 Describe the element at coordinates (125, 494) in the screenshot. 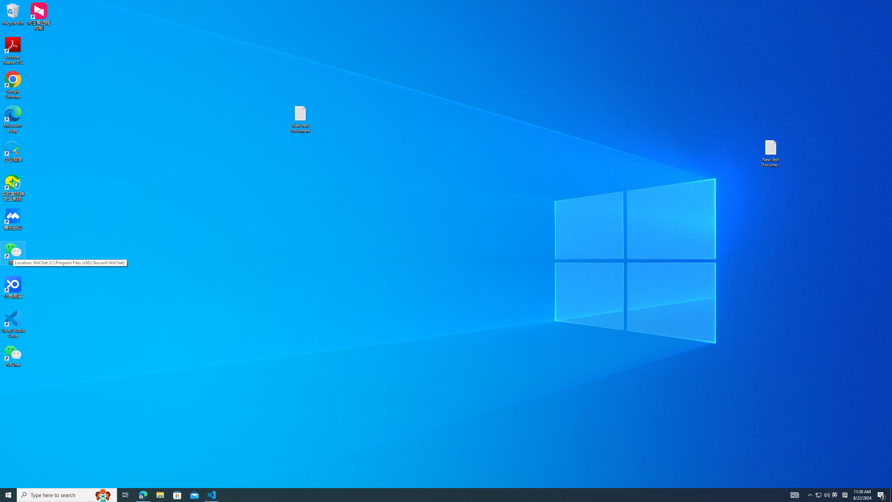

I see `'Task View'` at that location.